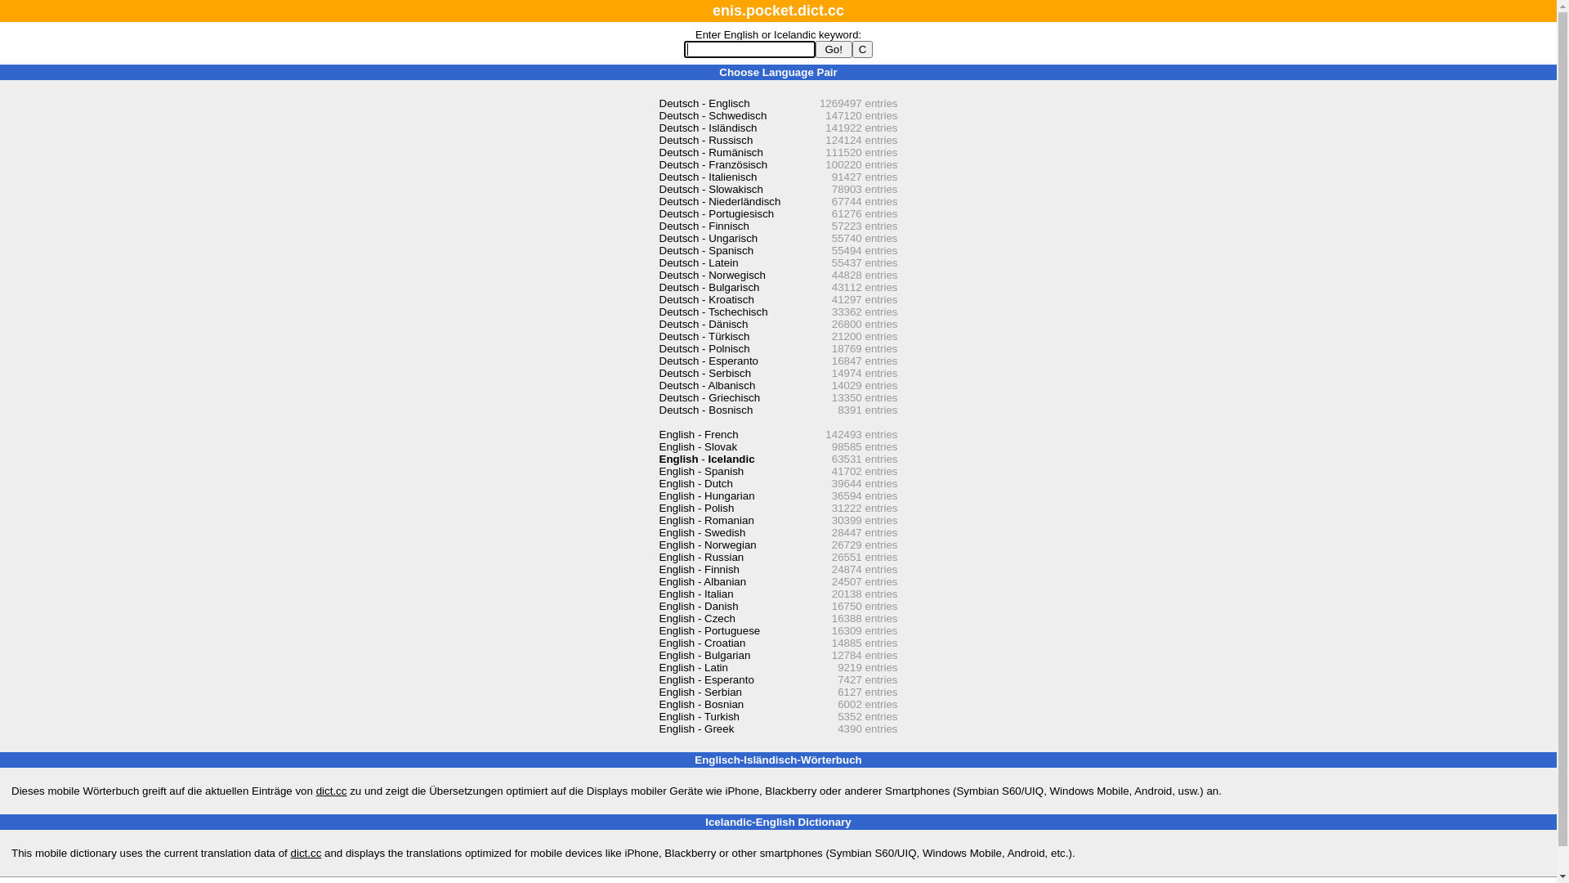  Describe the element at coordinates (705, 139) in the screenshot. I see `'Deutsch - Russisch'` at that location.